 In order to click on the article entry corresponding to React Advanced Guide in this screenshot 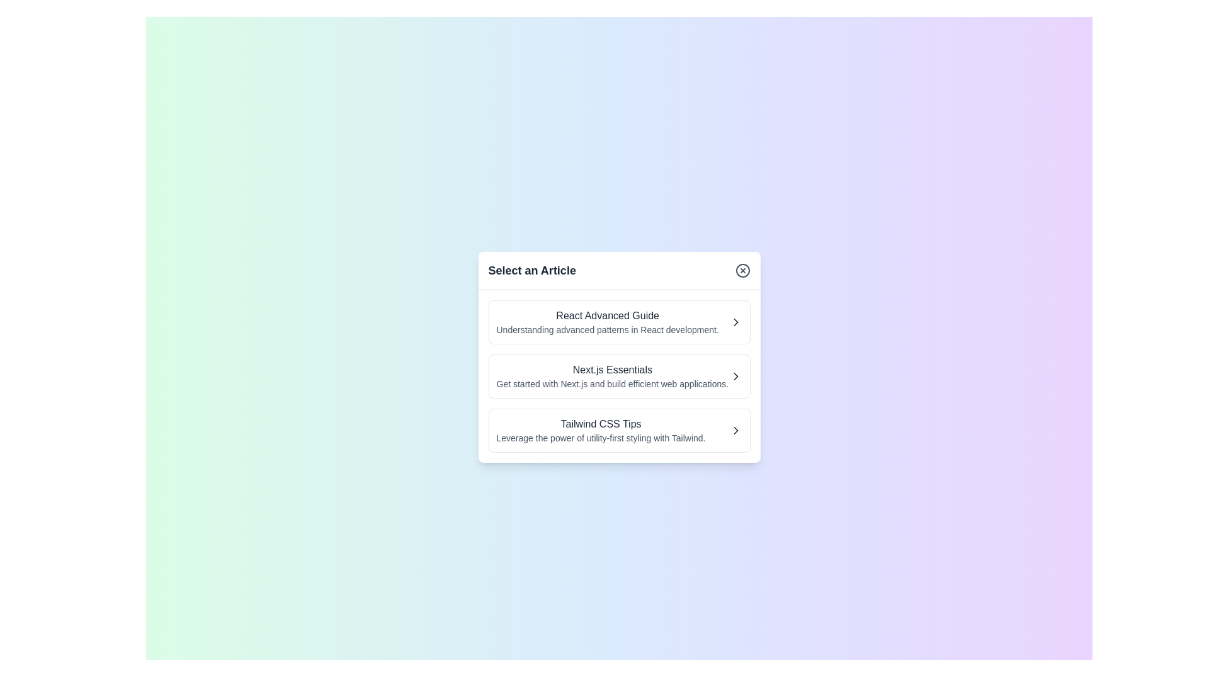, I will do `click(619, 321)`.